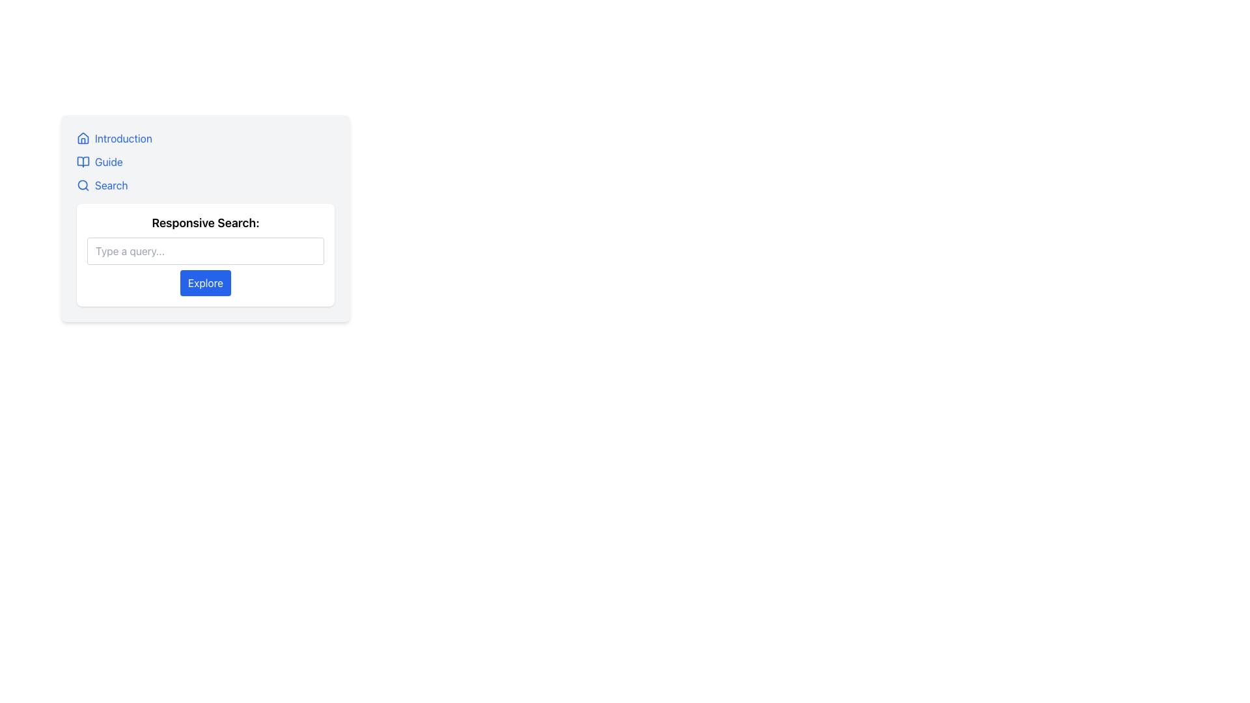 This screenshot has width=1250, height=703. Describe the element at coordinates (109, 161) in the screenshot. I see `the second navigation link in the vertical list, which is adjacent to an open book icon` at that location.